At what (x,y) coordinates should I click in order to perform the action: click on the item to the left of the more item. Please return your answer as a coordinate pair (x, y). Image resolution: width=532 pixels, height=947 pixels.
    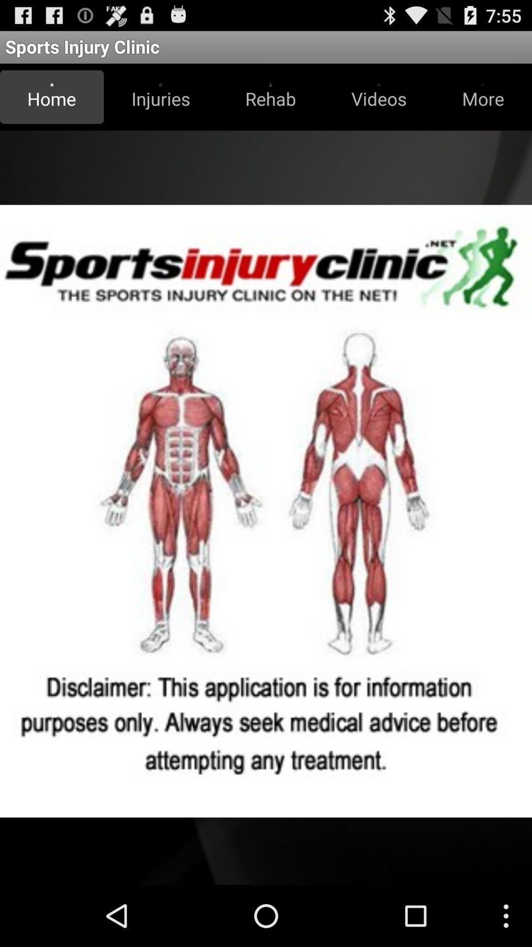
    Looking at the image, I should click on (378, 97).